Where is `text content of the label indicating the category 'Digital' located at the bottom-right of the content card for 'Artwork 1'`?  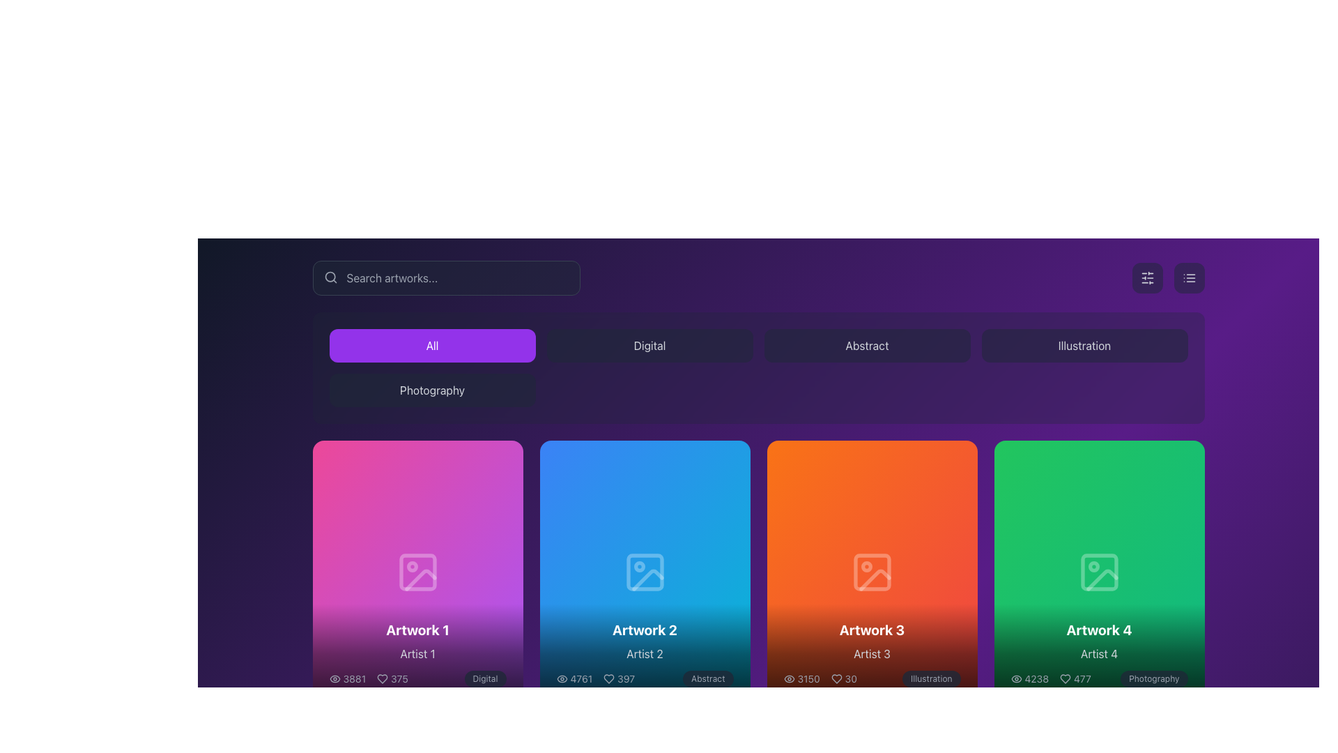
text content of the label indicating the category 'Digital' located at the bottom-right of the content card for 'Artwork 1' is located at coordinates (485, 678).